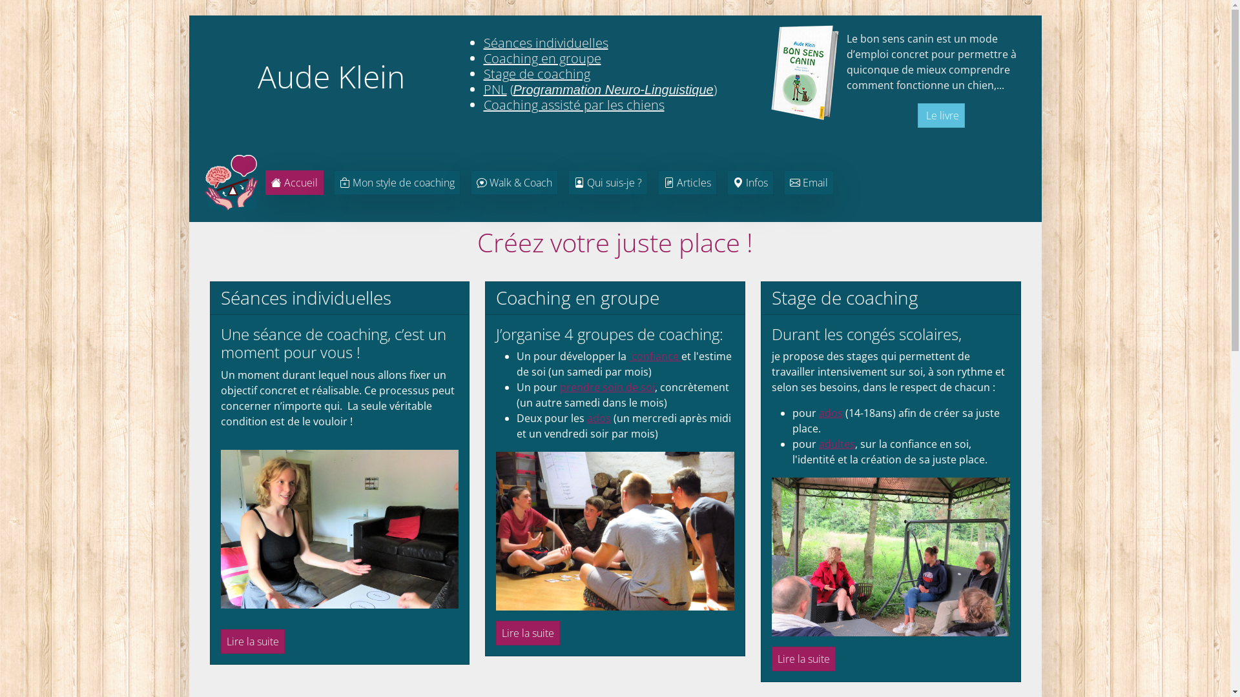  I want to click on 'Email', so click(808, 182).